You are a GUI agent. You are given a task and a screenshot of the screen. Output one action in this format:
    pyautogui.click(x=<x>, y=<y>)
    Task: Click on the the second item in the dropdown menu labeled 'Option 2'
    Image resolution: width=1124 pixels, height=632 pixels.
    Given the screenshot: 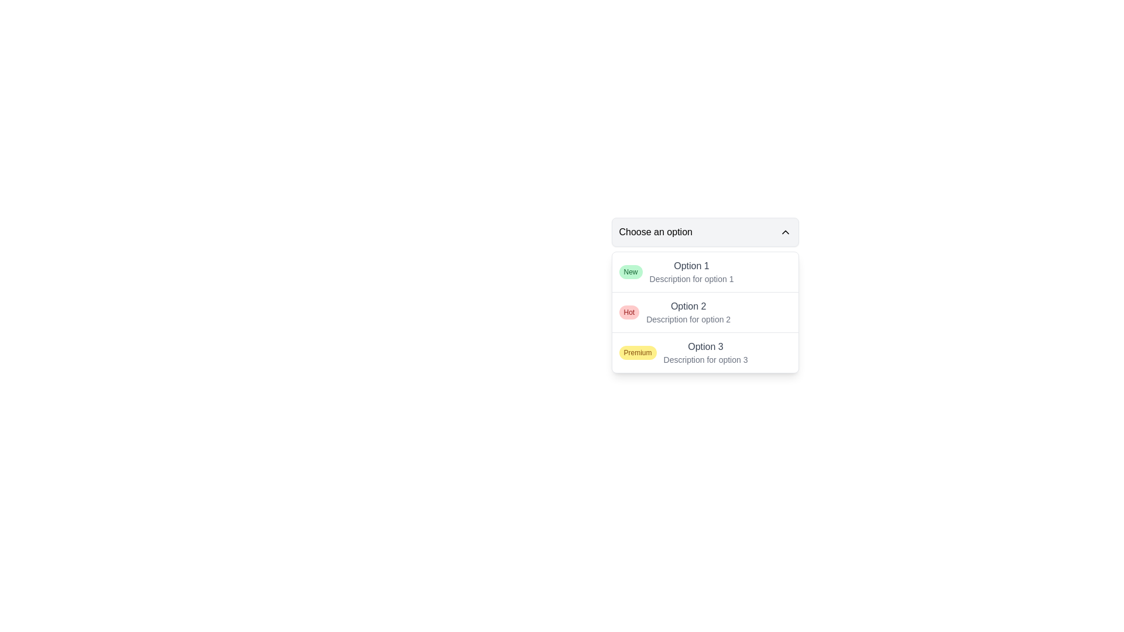 What is the action you would take?
    pyautogui.click(x=704, y=295)
    